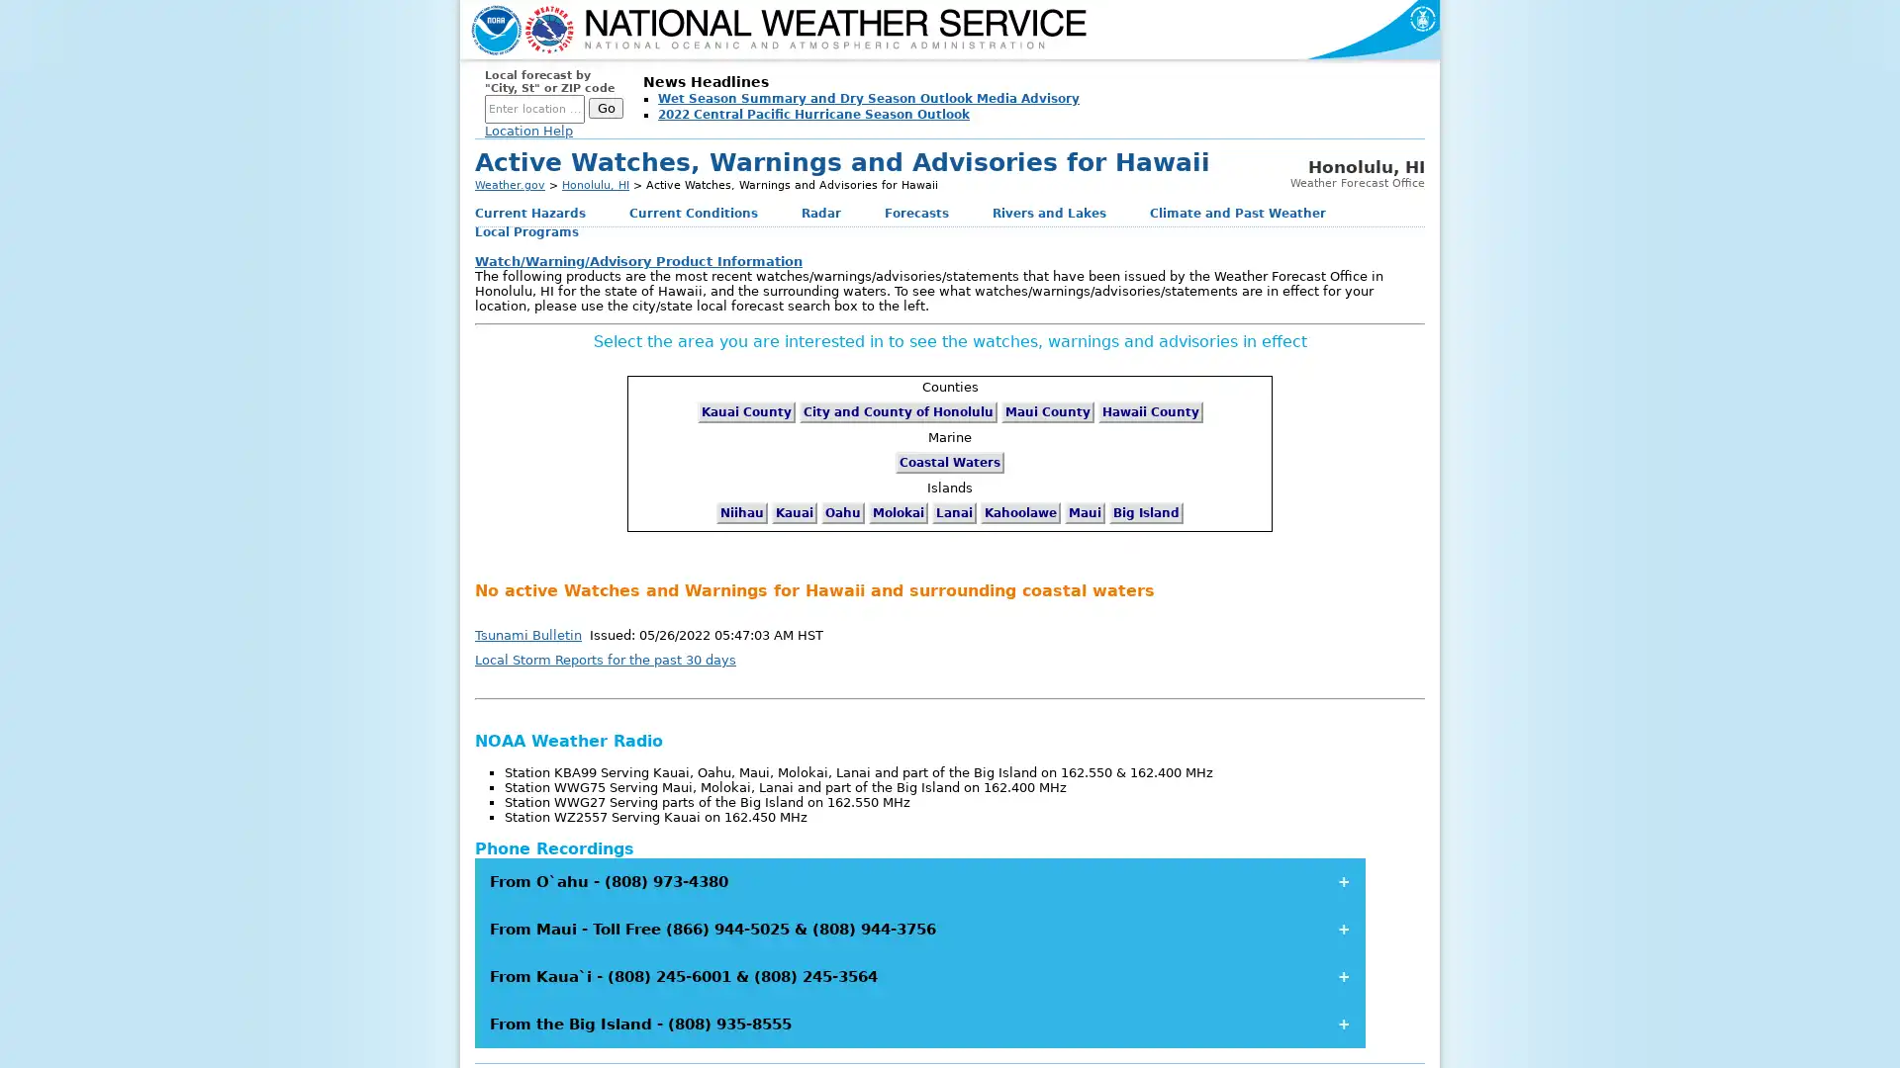 This screenshot has height=1068, width=1900. What do you see at coordinates (919, 880) in the screenshot?
I see `From O`ahu - (808) 973-4380 +` at bounding box center [919, 880].